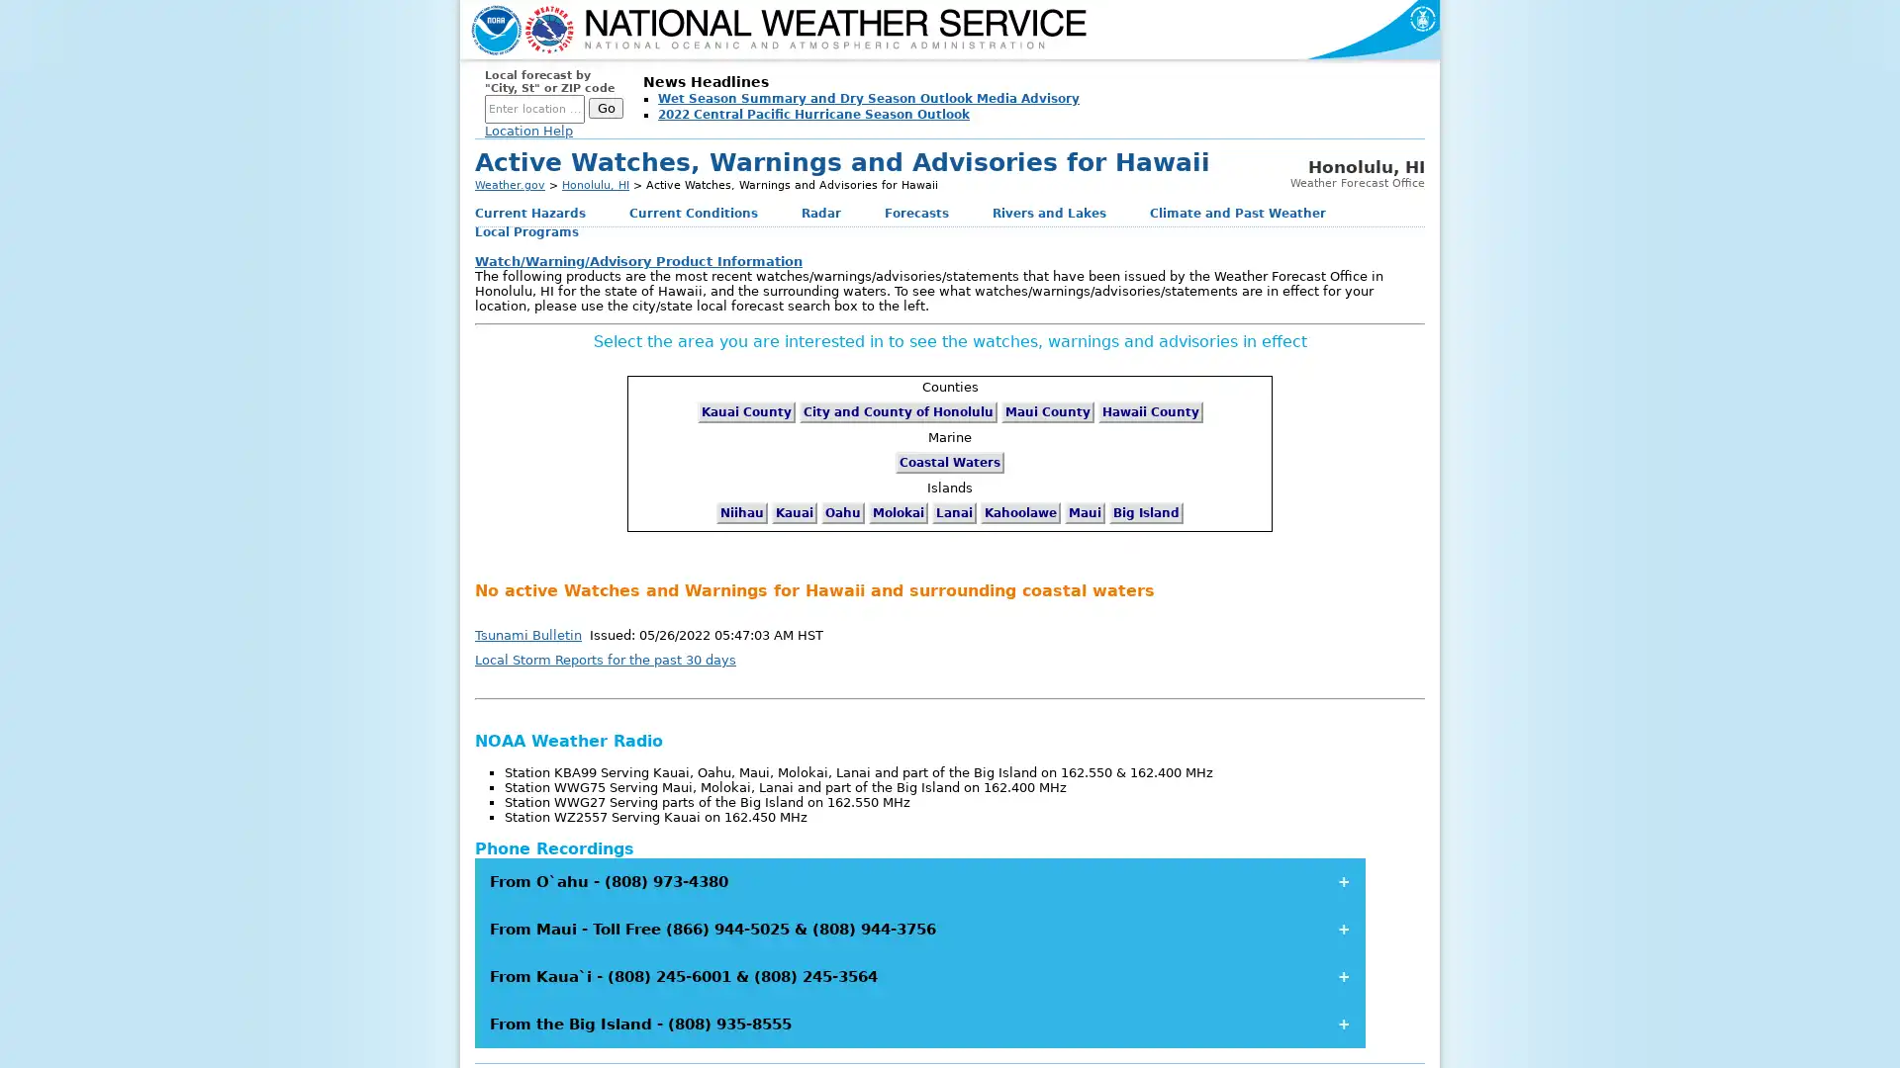 This screenshot has height=1068, width=1900. What do you see at coordinates (919, 880) in the screenshot?
I see `From O`ahu - (808) 973-4380 +` at bounding box center [919, 880].